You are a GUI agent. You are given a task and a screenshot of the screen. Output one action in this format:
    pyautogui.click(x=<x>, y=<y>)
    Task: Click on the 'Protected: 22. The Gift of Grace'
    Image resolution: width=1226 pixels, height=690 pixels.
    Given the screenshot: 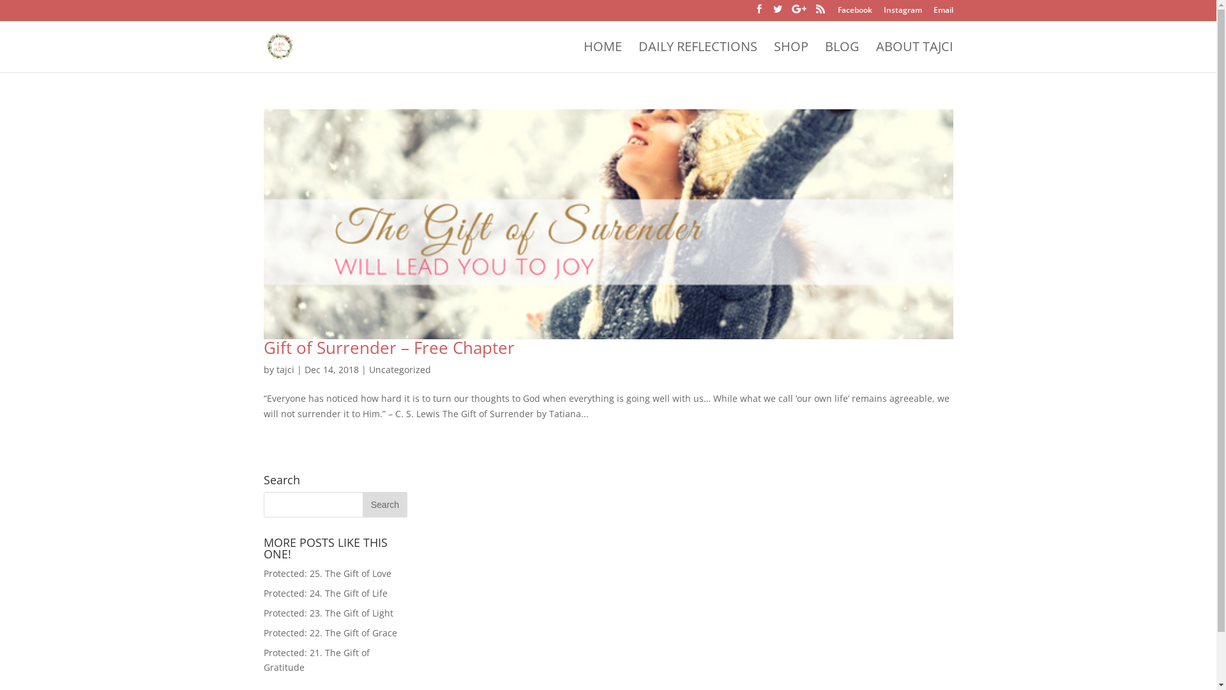 What is the action you would take?
    pyautogui.click(x=329, y=632)
    